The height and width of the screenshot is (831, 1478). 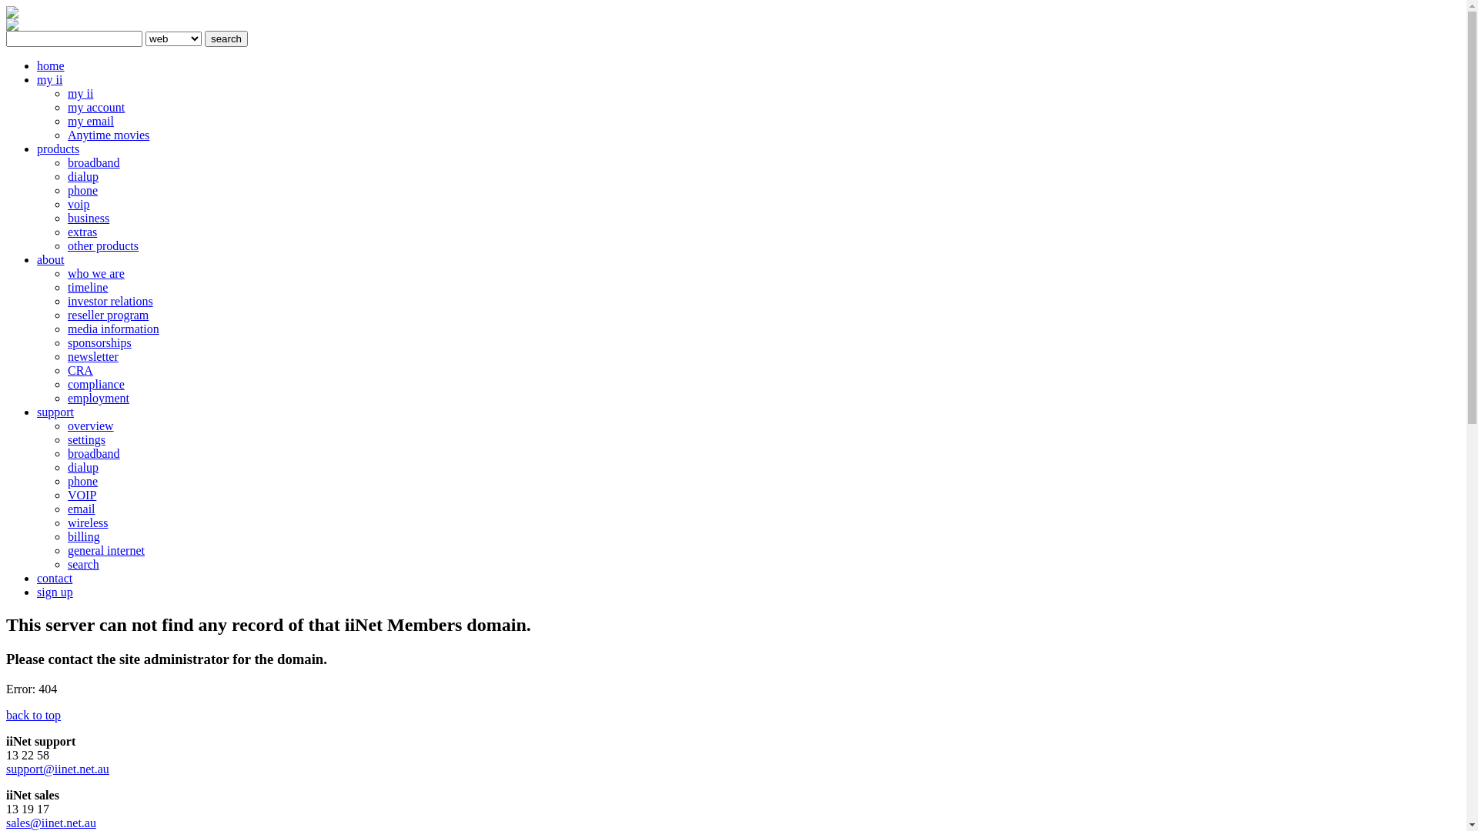 I want to click on 'timeline', so click(x=66, y=287).